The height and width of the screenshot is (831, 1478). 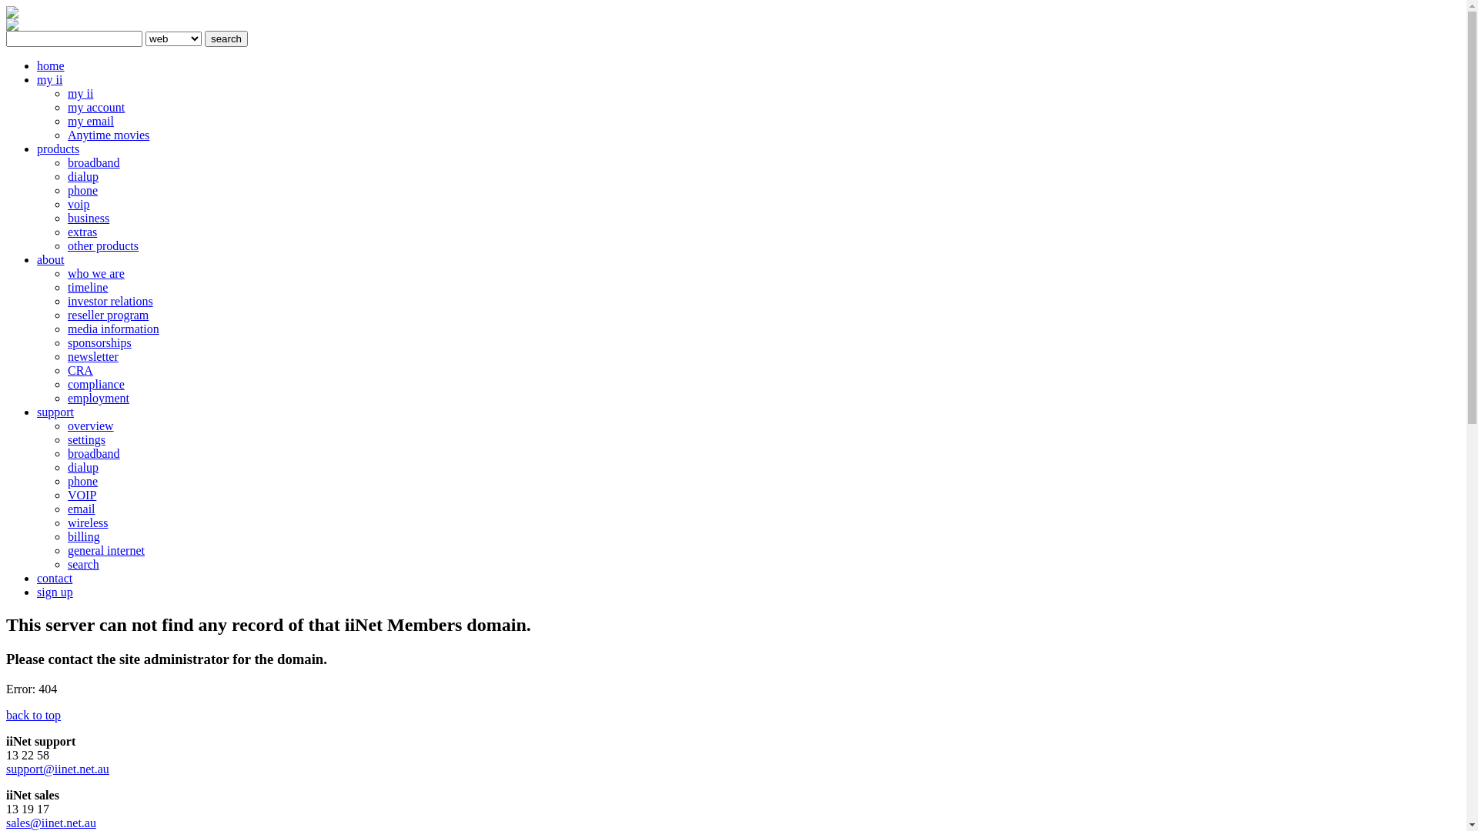 I want to click on 'timeline', so click(x=66, y=287).